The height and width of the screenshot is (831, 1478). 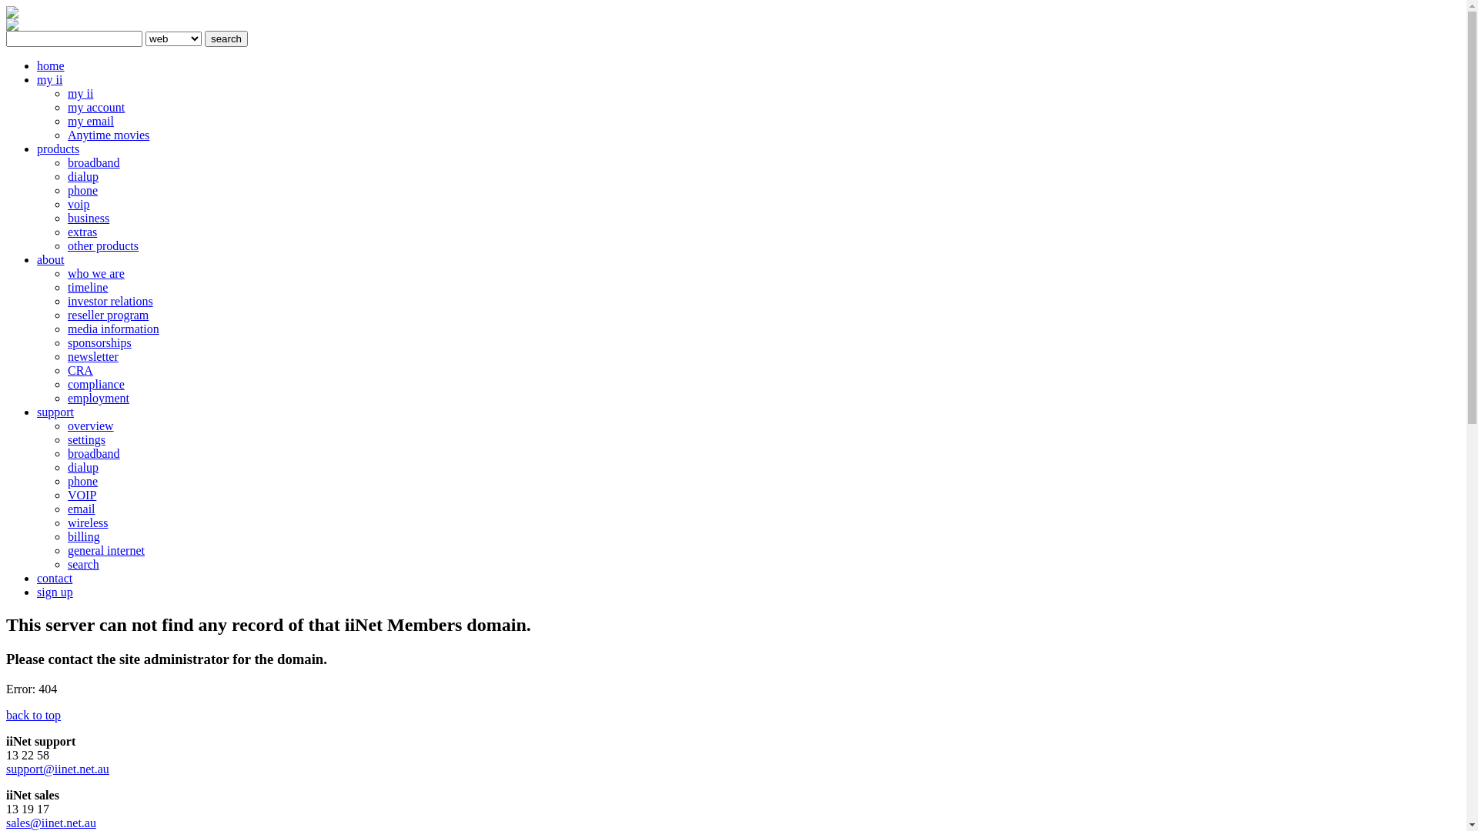 I want to click on 'timeline', so click(x=66, y=287).